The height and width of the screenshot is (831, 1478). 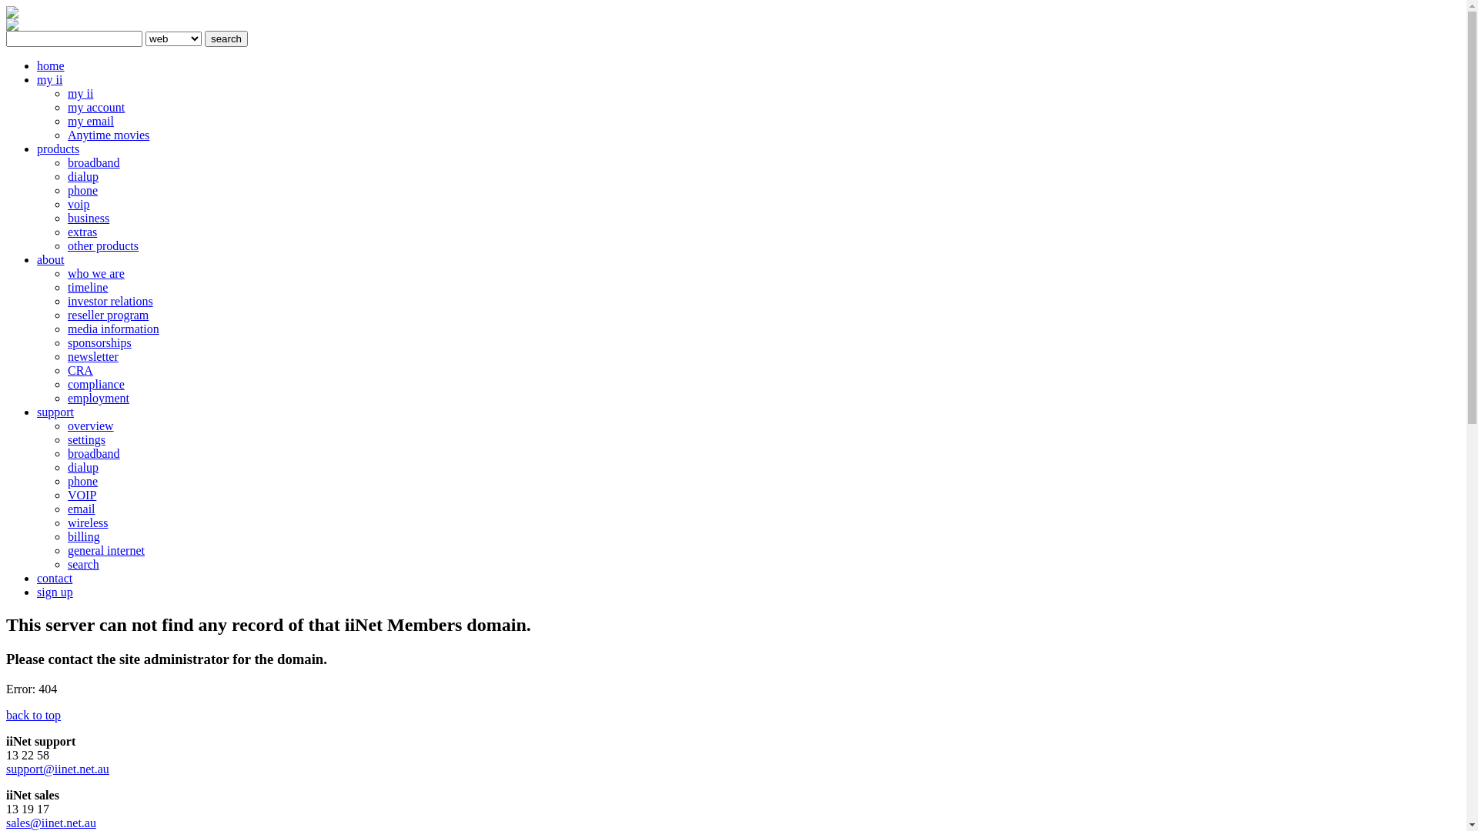 I want to click on 'timeline', so click(x=66, y=287).